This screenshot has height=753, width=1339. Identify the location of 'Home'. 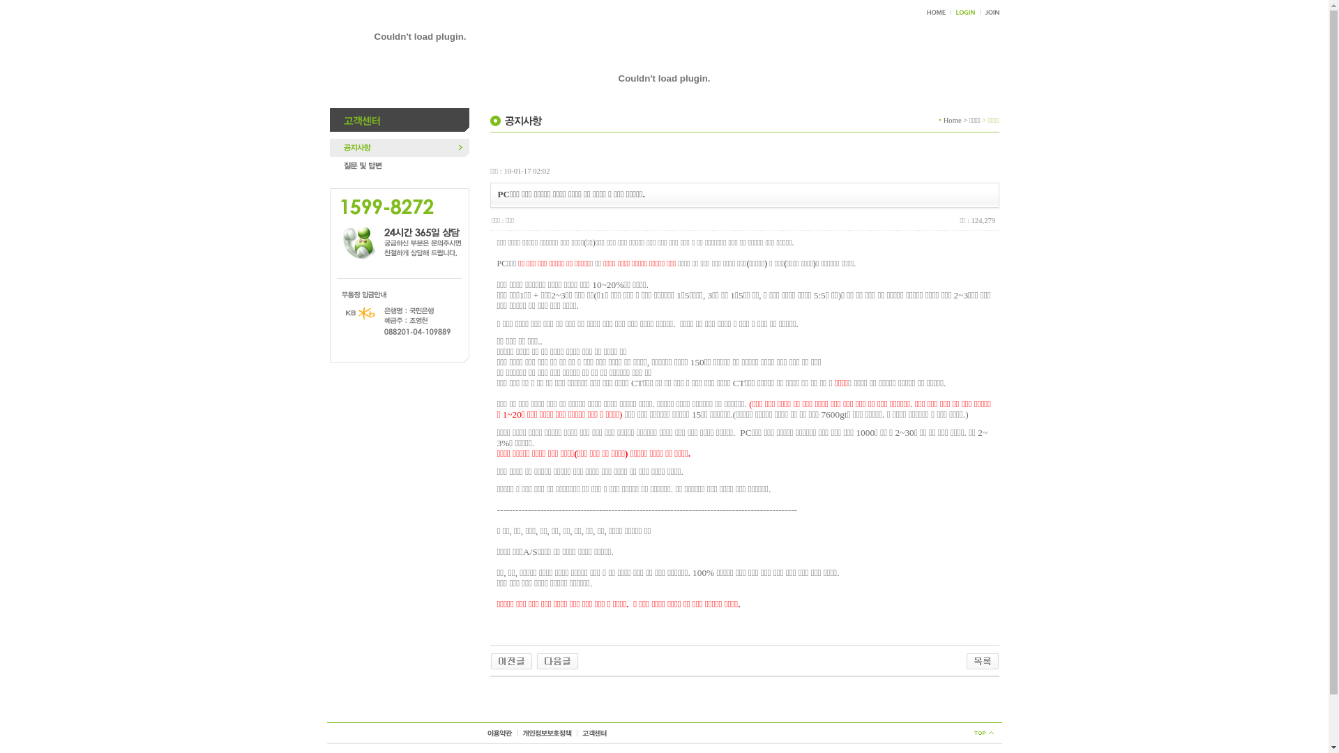
(944, 119).